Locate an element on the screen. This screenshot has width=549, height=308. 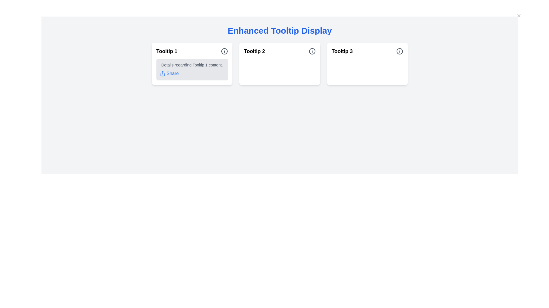
the circular information icon button located at the top-right corner of the 'Tooltip 2' card is located at coordinates (312, 51).